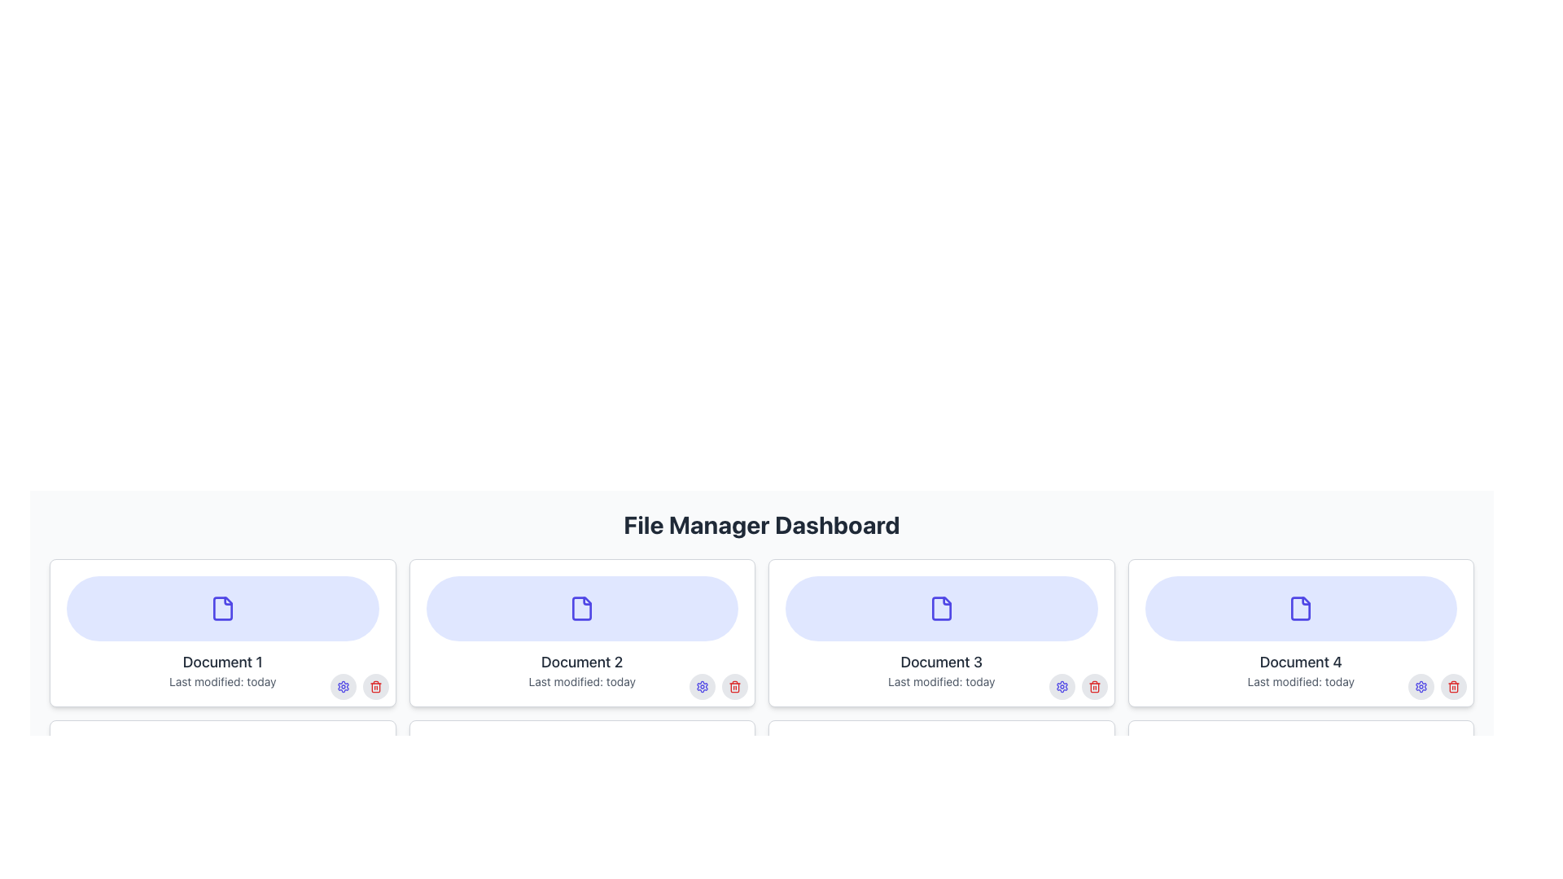  What do you see at coordinates (733, 687) in the screenshot?
I see `the delete button for 'Document 2'` at bounding box center [733, 687].